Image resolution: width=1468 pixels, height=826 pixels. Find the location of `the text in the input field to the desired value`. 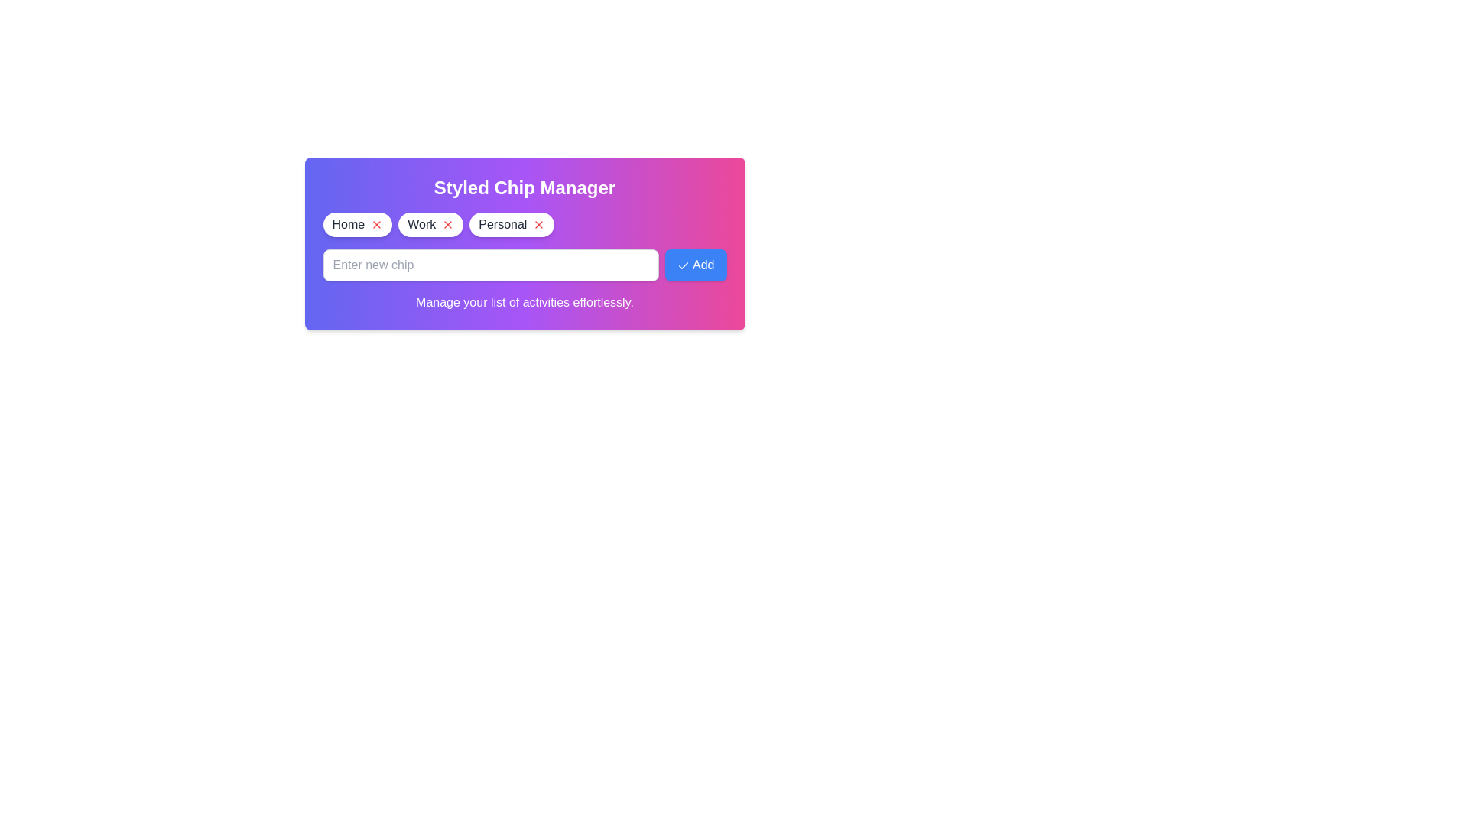

the text in the input field to the desired value is located at coordinates (491, 265).